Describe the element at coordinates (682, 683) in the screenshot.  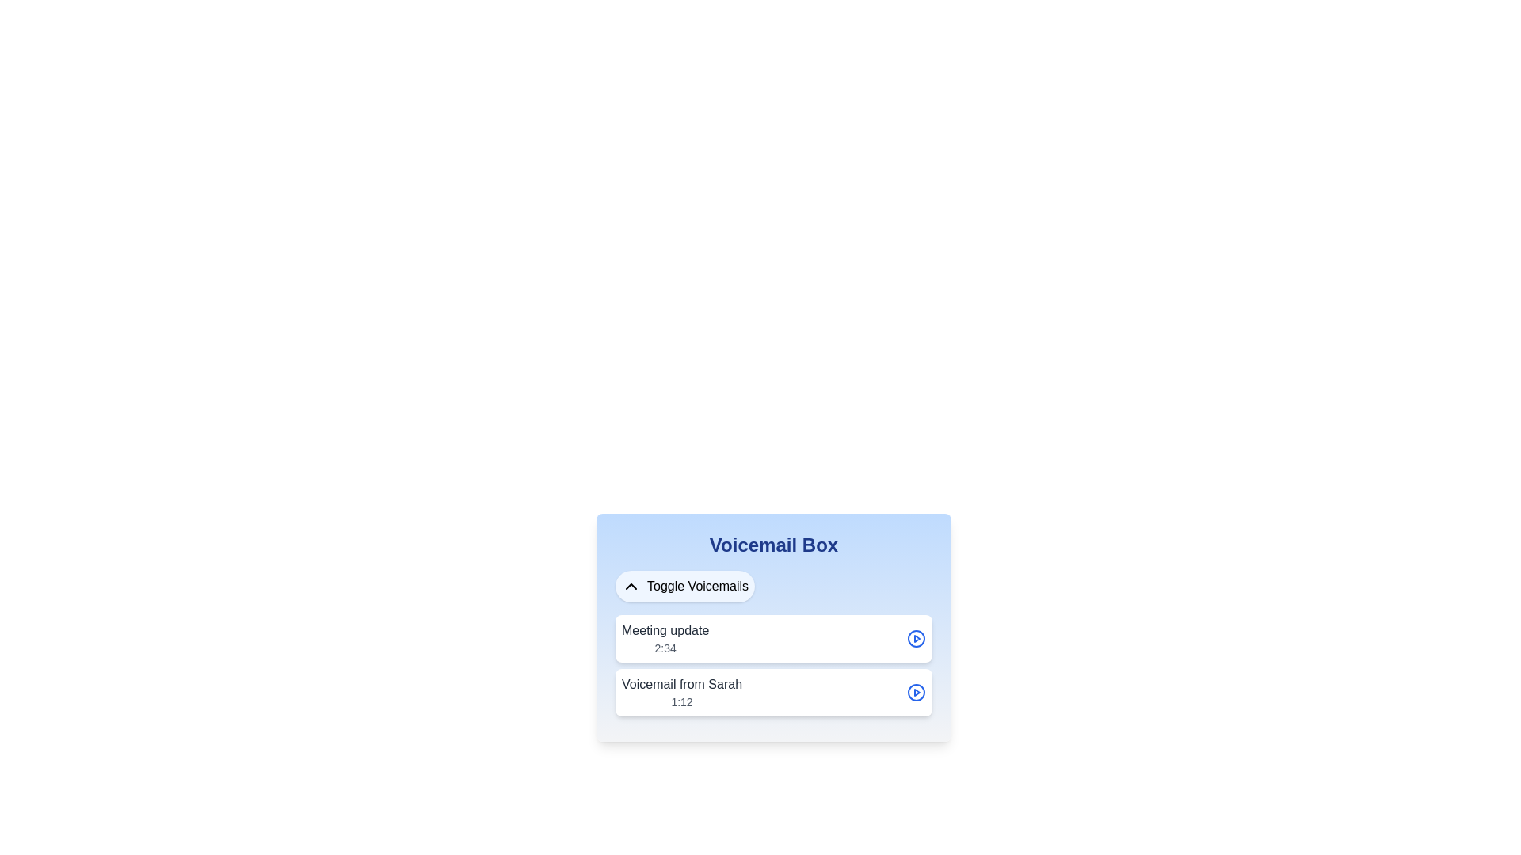
I see `the text label that reads 'Voicemail from Sarah', which is styled with a medium weight font and dark gray color, located above the duration text '1:12' in the voicemail list` at that location.